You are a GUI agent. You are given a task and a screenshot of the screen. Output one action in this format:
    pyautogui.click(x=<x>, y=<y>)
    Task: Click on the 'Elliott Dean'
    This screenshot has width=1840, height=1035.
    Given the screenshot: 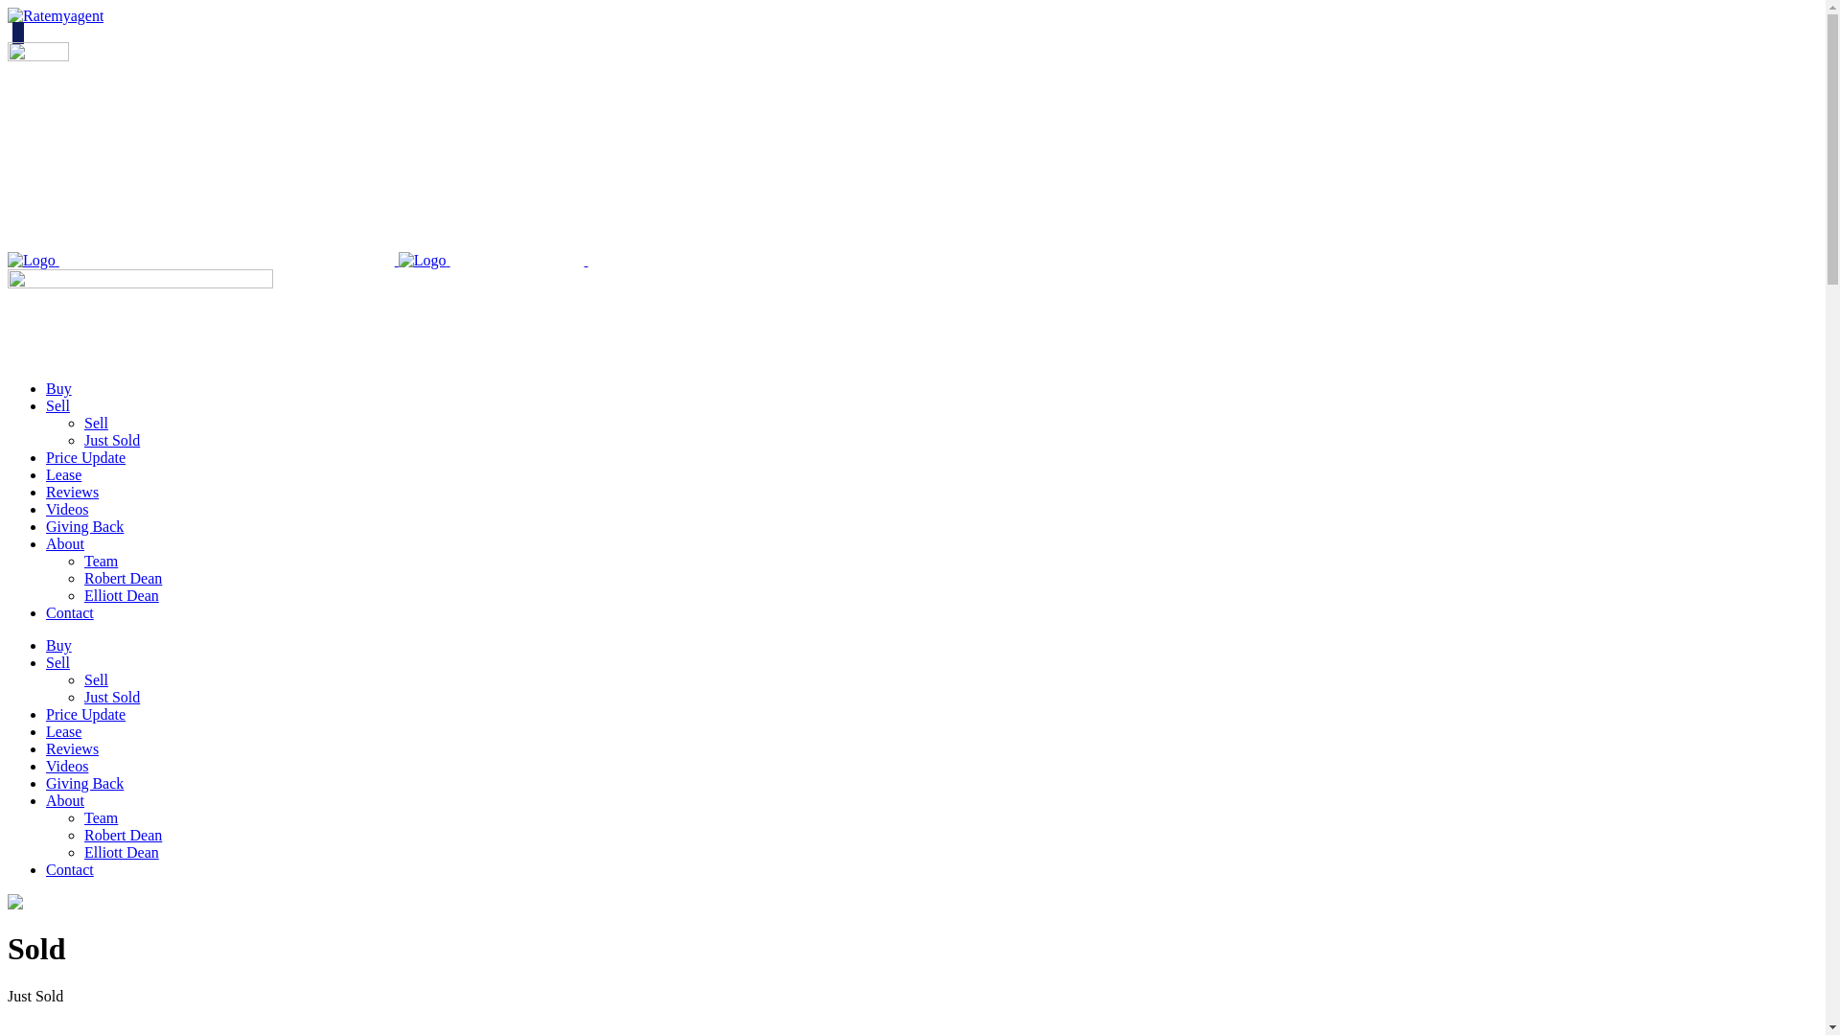 What is the action you would take?
    pyautogui.click(x=82, y=851)
    